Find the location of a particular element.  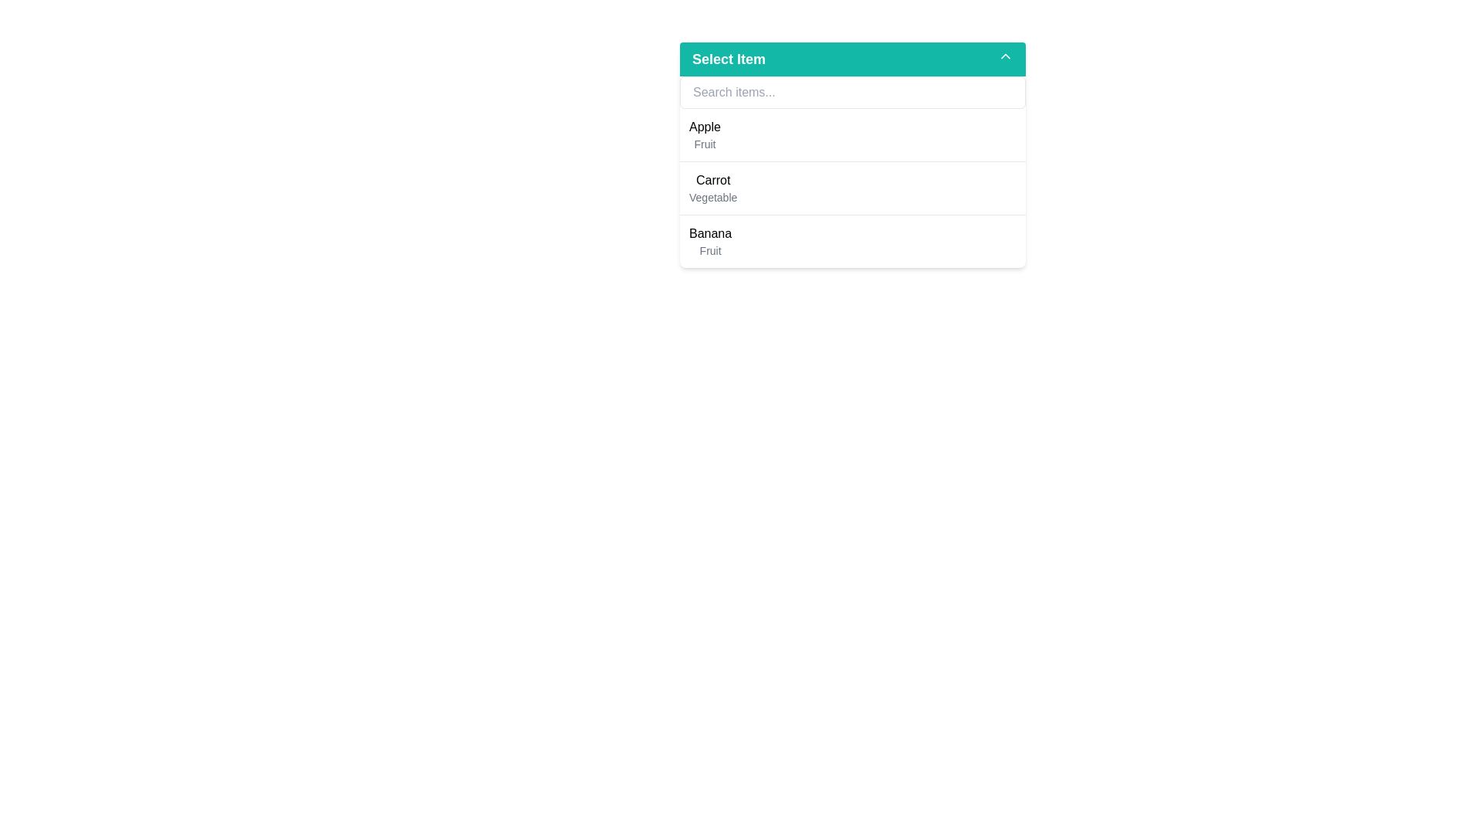

the 'Carrot' list item within the dropdown menu is located at coordinates (851, 154).